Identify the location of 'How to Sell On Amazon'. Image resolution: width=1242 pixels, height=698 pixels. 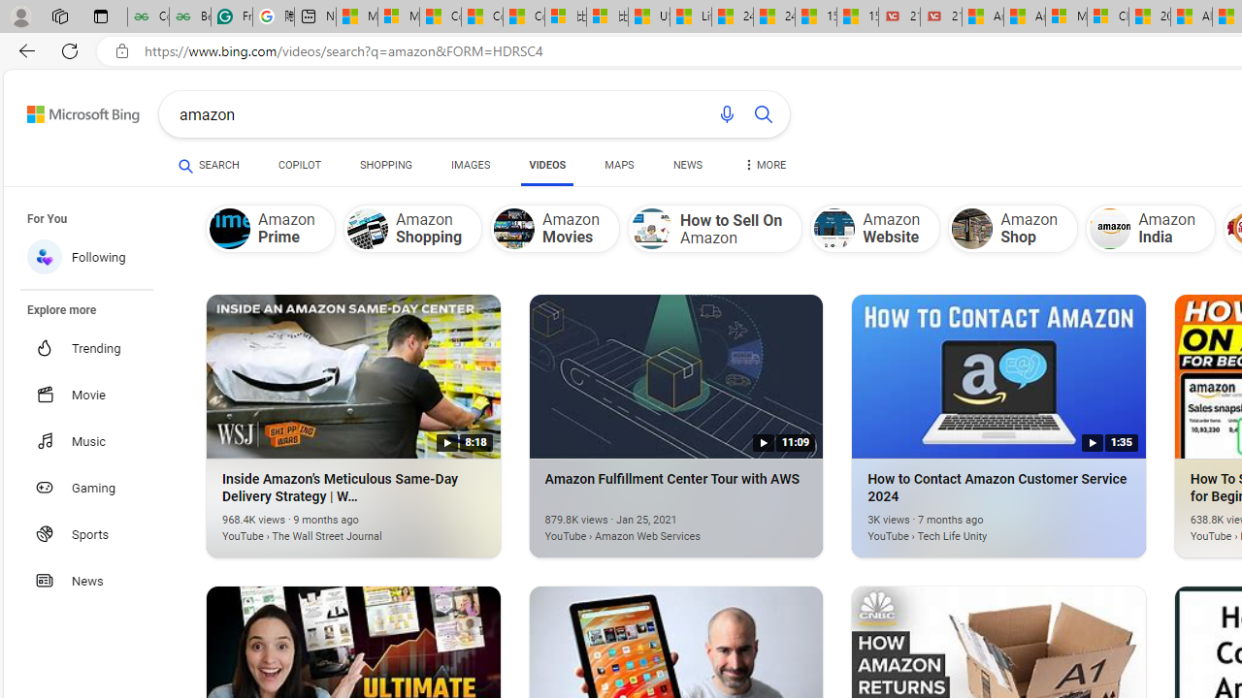
(652, 228).